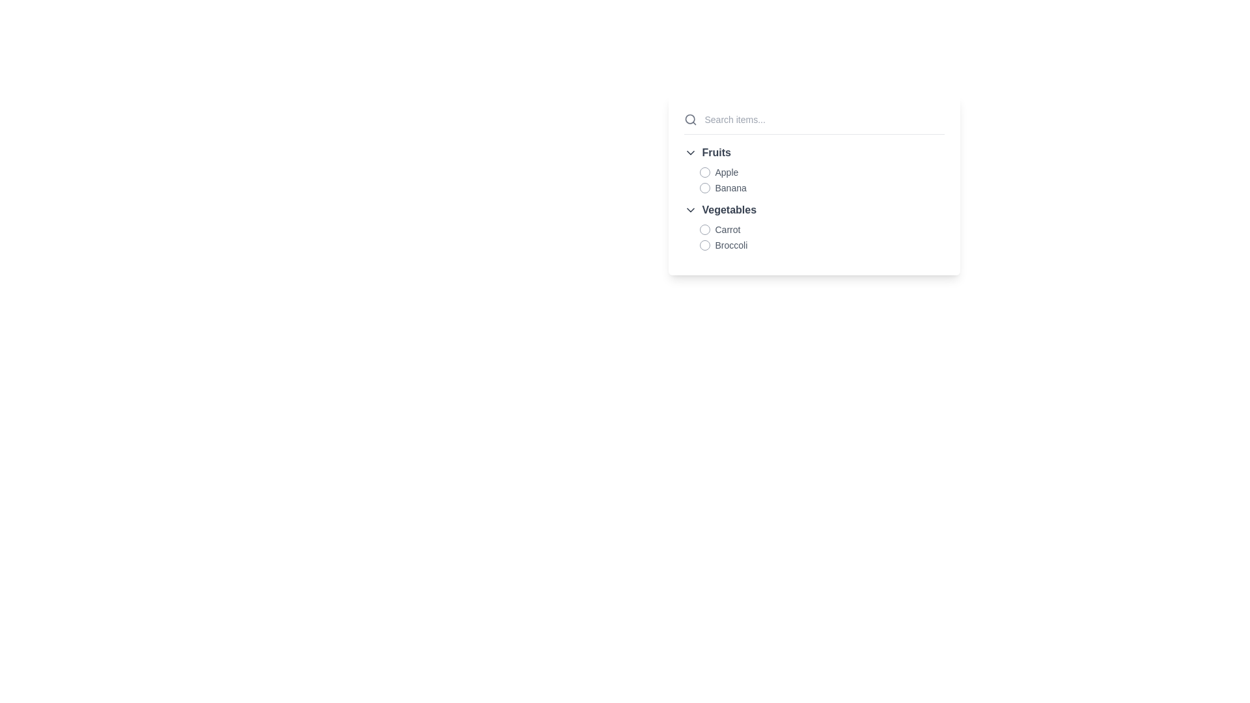 This screenshot has width=1250, height=703. What do you see at coordinates (813, 226) in the screenshot?
I see `the 'Vegetables' grouped list item` at bounding box center [813, 226].